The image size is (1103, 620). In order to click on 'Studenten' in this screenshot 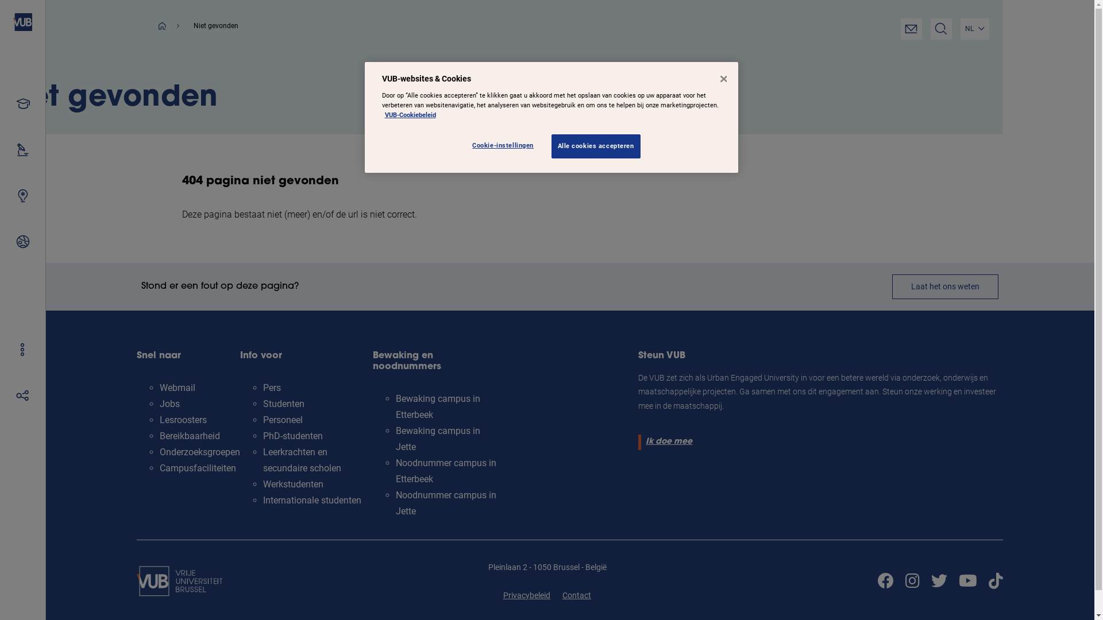, I will do `click(262, 403)`.